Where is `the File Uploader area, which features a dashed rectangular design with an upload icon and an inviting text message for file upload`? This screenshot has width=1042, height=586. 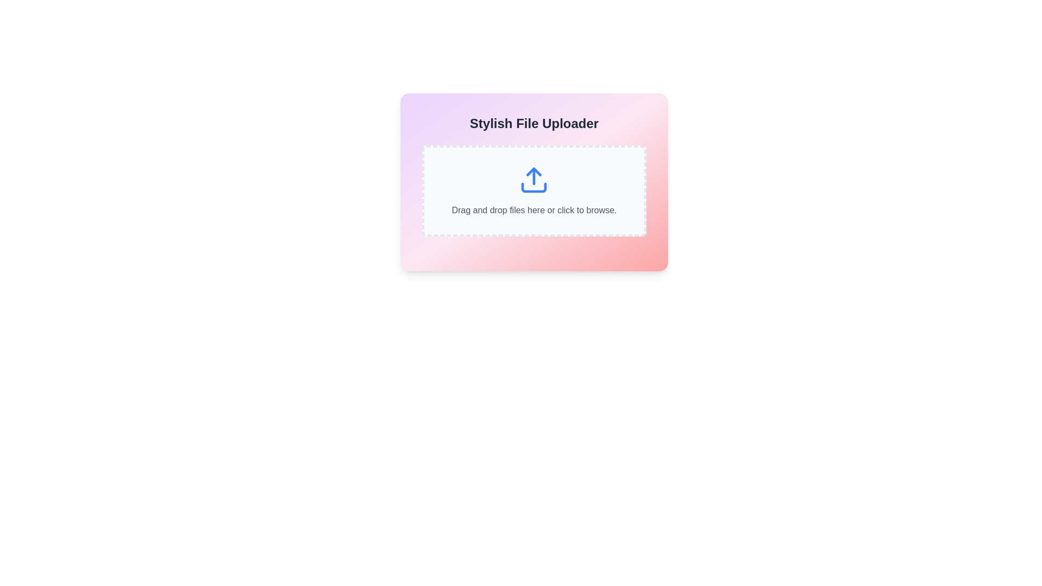
the File Uploader area, which features a dashed rectangular design with an upload icon and an inviting text message for file upload is located at coordinates (534, 181).